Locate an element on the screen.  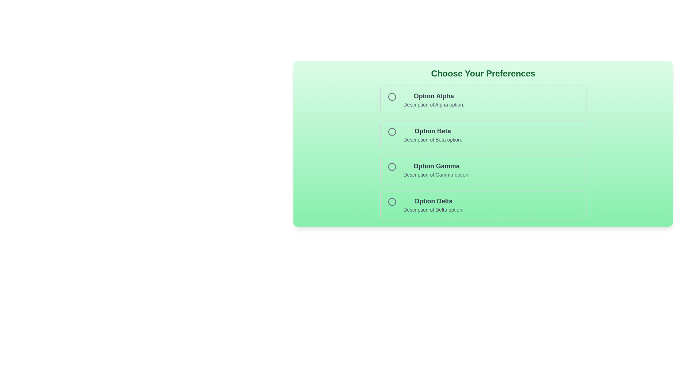
the label 'Option Alpha' is located at coordinates (433, 99).